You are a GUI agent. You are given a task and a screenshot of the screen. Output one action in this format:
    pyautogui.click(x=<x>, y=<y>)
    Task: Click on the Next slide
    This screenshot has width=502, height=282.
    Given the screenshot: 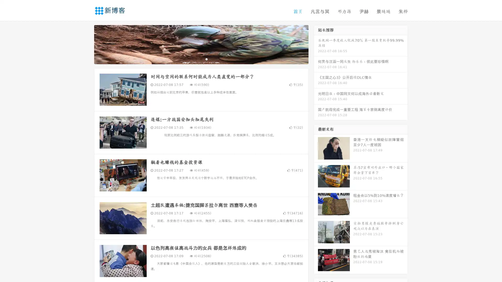 What is the action you would take?
    pyautogui.click(x=316, y=44)
    